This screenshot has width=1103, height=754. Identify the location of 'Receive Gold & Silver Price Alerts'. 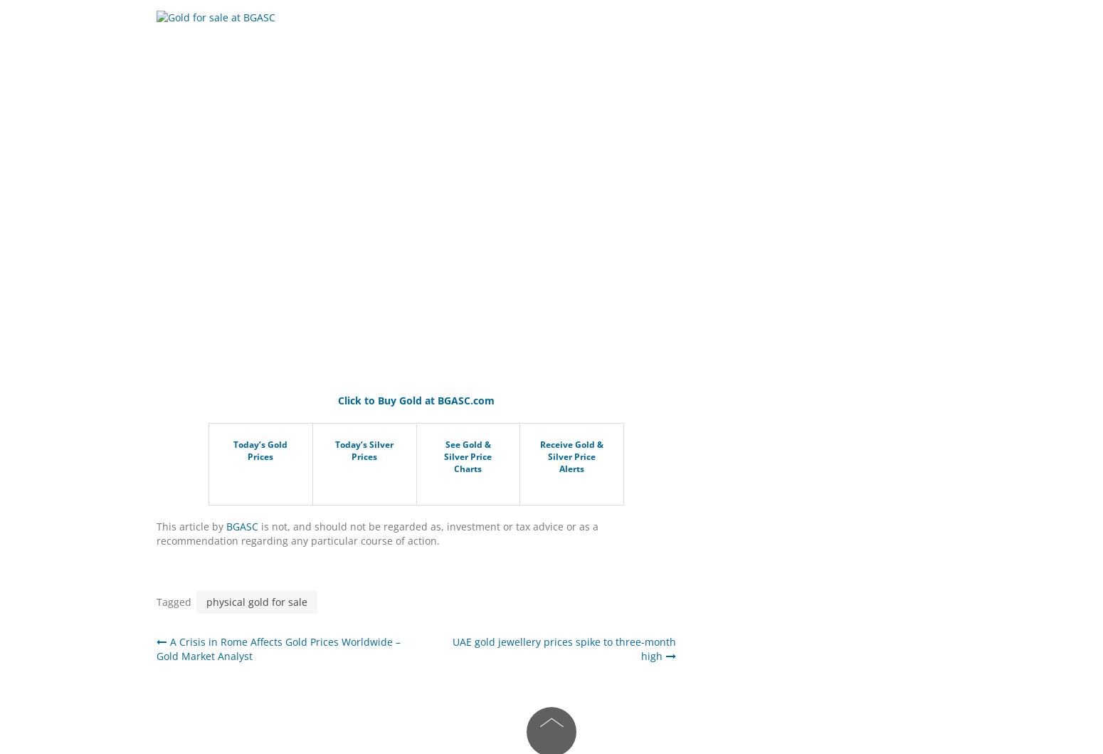
(571, 456).